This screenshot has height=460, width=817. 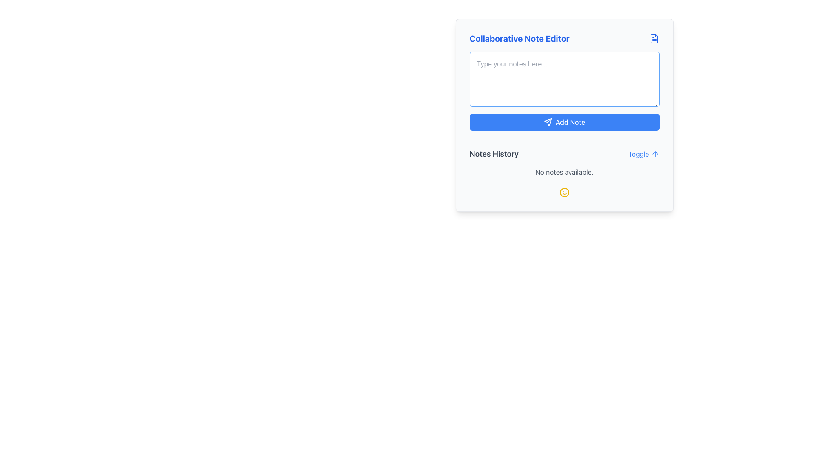 I want to click on the button located in the bottom-right corner of the 'Collaborative Note Editor' box, next to the 'Notes History' text, so click(x=644, y=154).